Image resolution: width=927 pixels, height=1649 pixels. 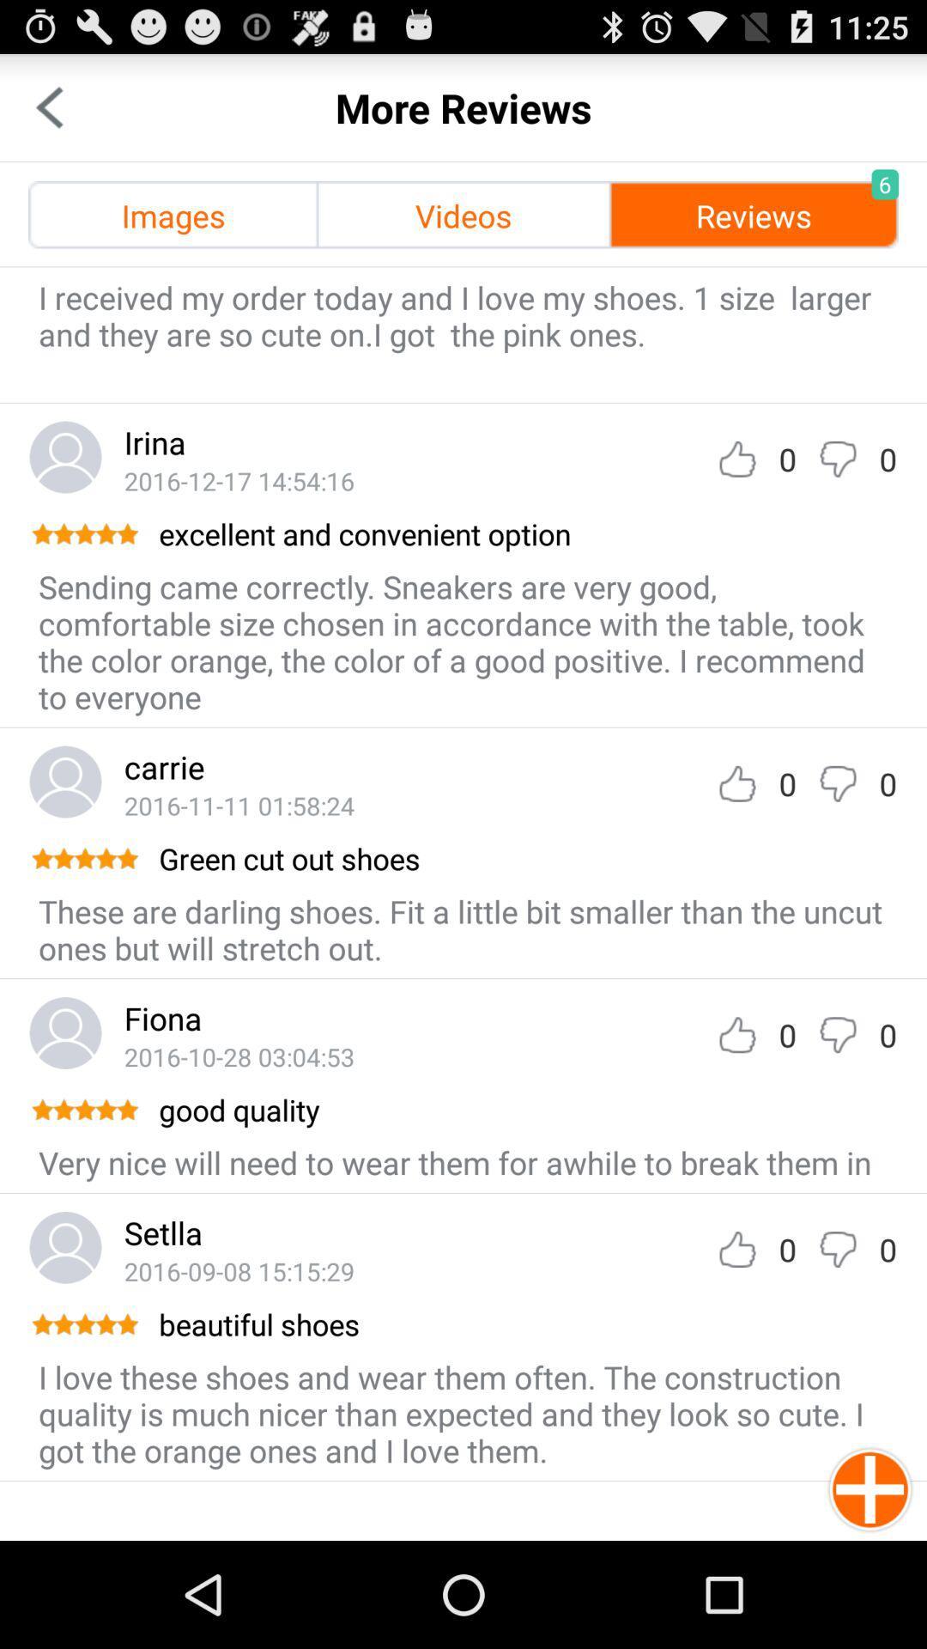 I want to click on like option, so click(x=736, y=459).